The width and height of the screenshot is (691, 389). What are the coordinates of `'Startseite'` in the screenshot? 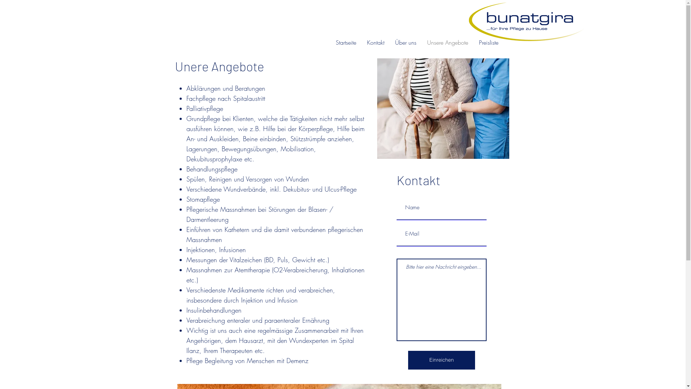 It's located at (346, 43).